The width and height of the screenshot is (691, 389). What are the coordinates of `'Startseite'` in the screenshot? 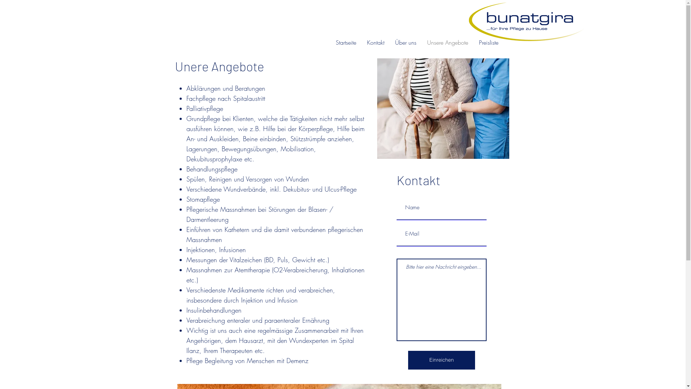 It's located at (346, 43).